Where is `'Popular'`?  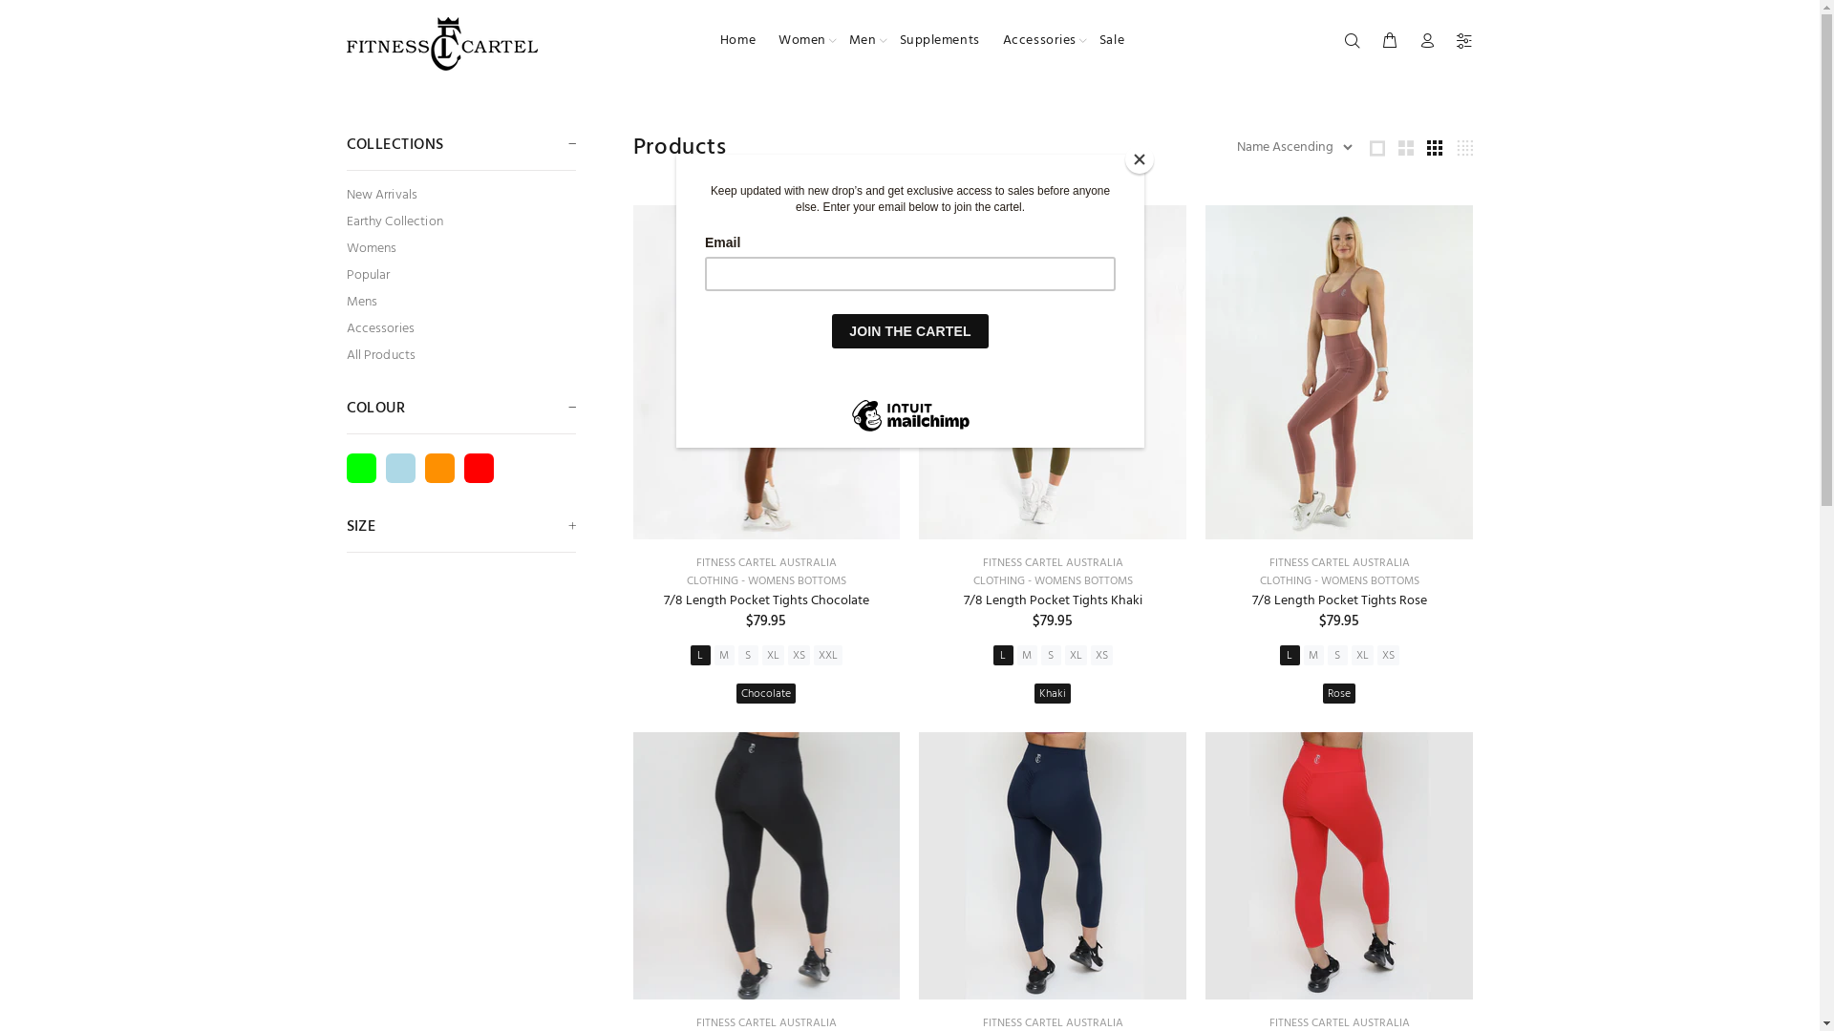
'Popular' is located at coordinates (459, 276).